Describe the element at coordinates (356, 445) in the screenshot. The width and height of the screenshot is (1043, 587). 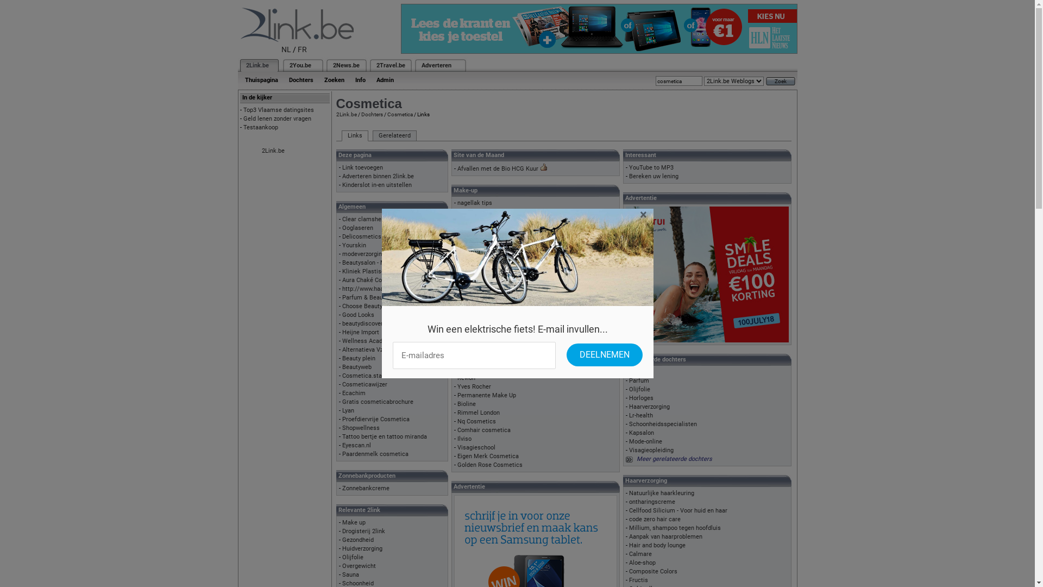
I see `'Eyescan.nl'` at that location.